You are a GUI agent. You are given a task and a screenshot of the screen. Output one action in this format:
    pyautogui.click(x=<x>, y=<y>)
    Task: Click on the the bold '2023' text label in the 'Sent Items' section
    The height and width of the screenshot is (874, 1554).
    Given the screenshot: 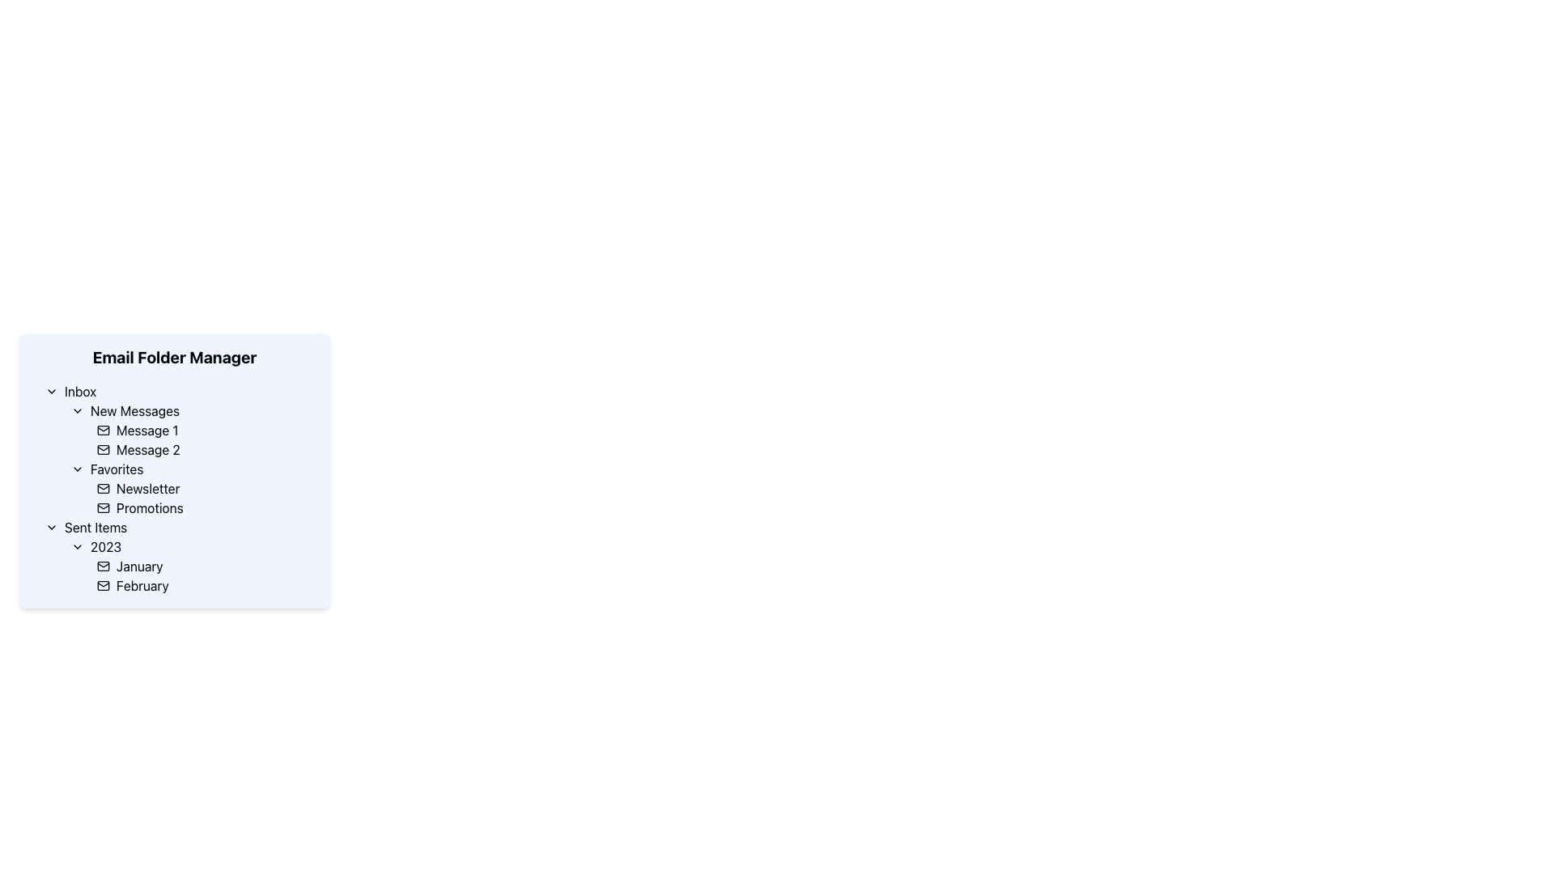 What is the action you would take?
    pyautogui.click(x=105, y=546)
    